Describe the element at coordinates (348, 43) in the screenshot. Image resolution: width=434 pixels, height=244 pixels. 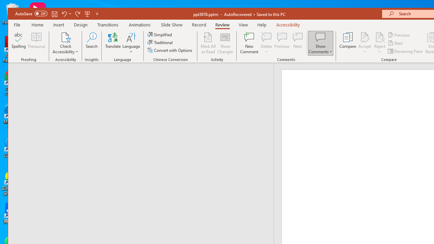
I see `'Compare'` at that location.